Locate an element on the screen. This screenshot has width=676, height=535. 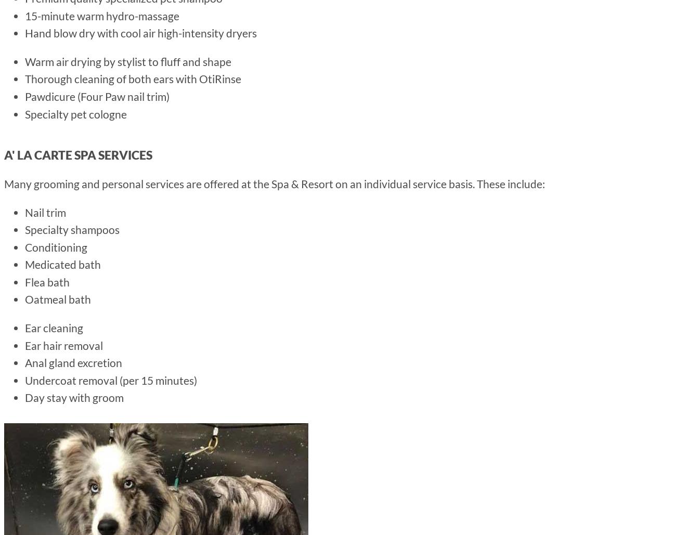
'Pawdicure (Four Paw nail trim)' is located at coordinates (97, 96).